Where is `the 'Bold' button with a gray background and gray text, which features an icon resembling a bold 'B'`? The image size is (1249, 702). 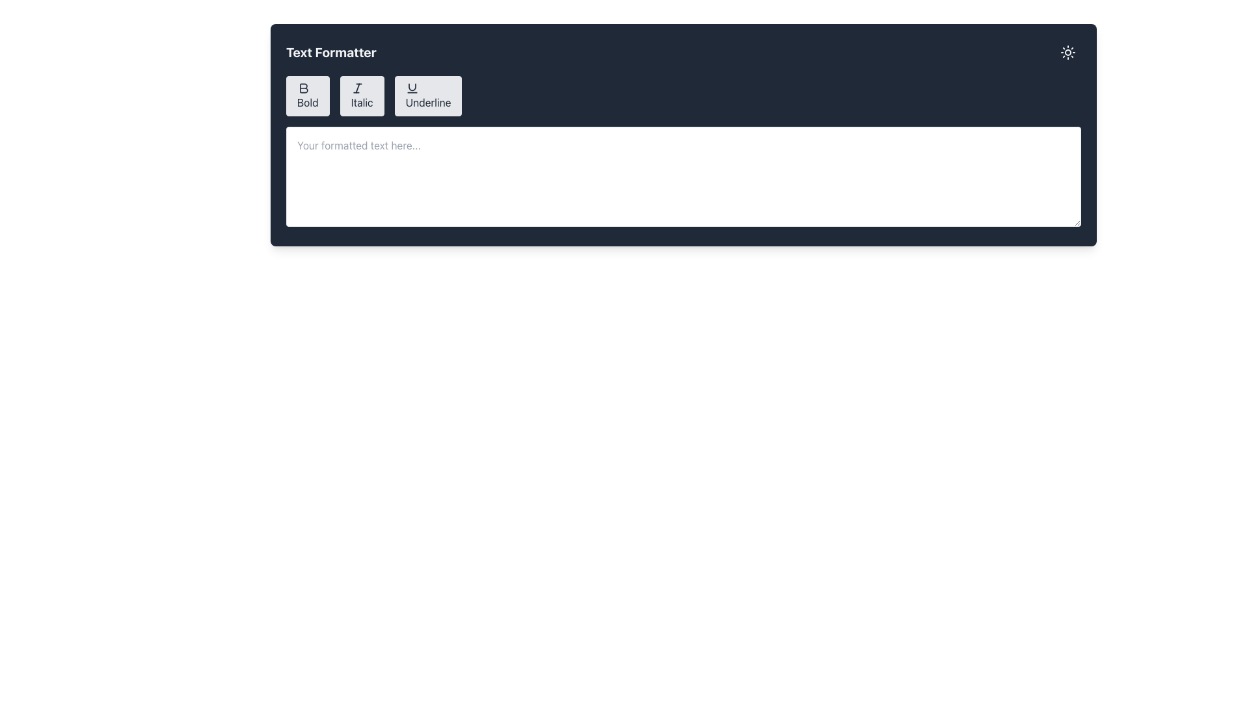
the 'Bold' button with a gray background and gray text, which features an icon resembling a bold 'B' is located at coordinates (307, 95).